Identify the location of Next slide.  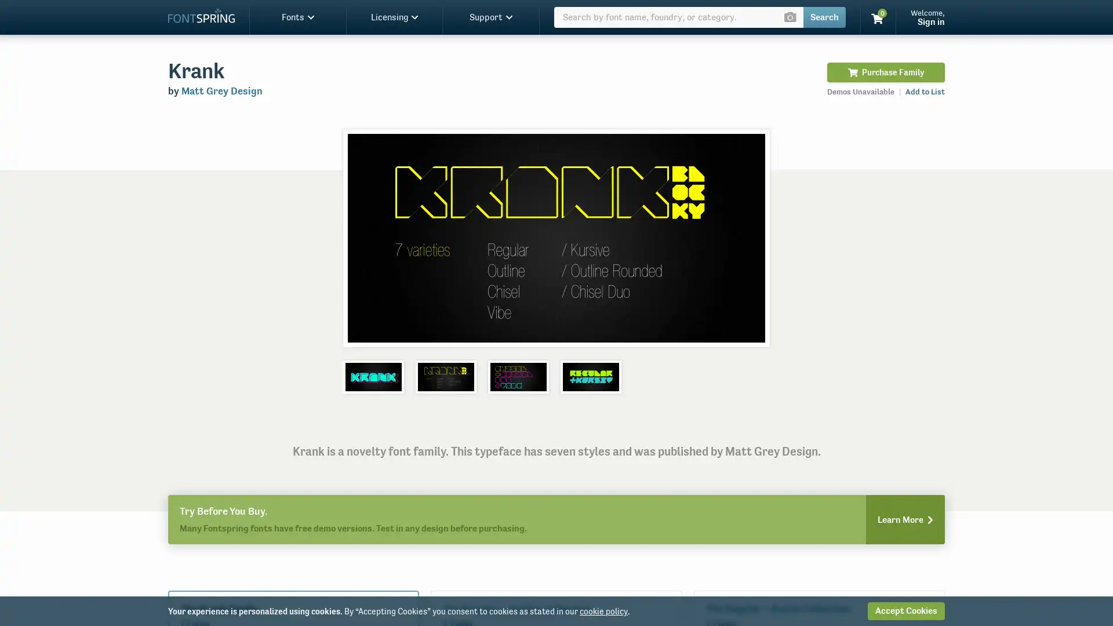
(748, 238).